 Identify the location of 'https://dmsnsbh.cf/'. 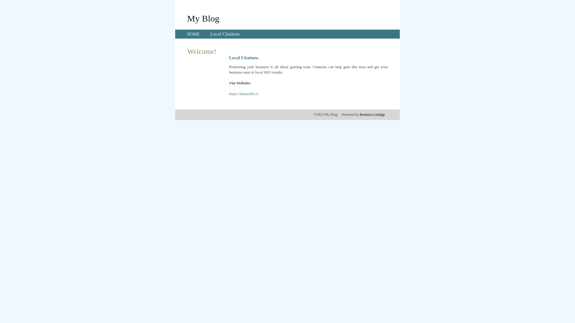
(229, 94).